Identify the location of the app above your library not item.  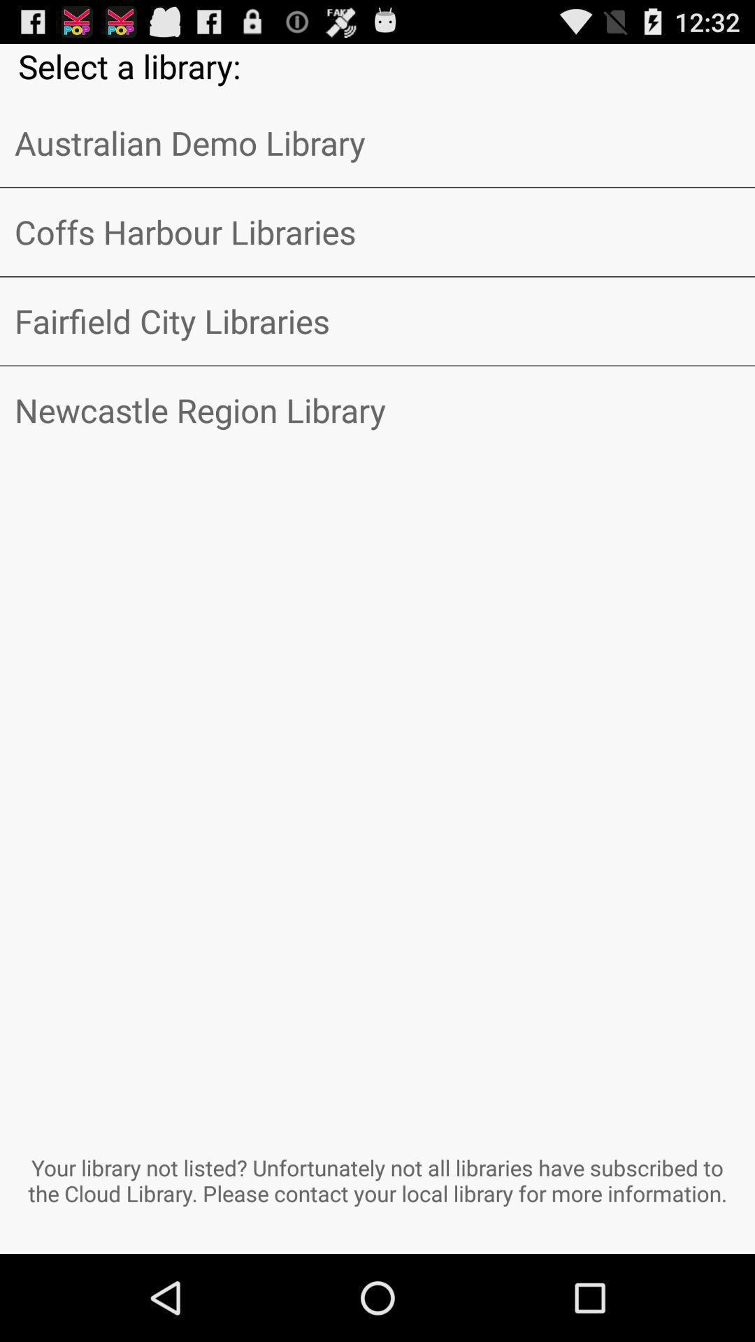
(377, 410).